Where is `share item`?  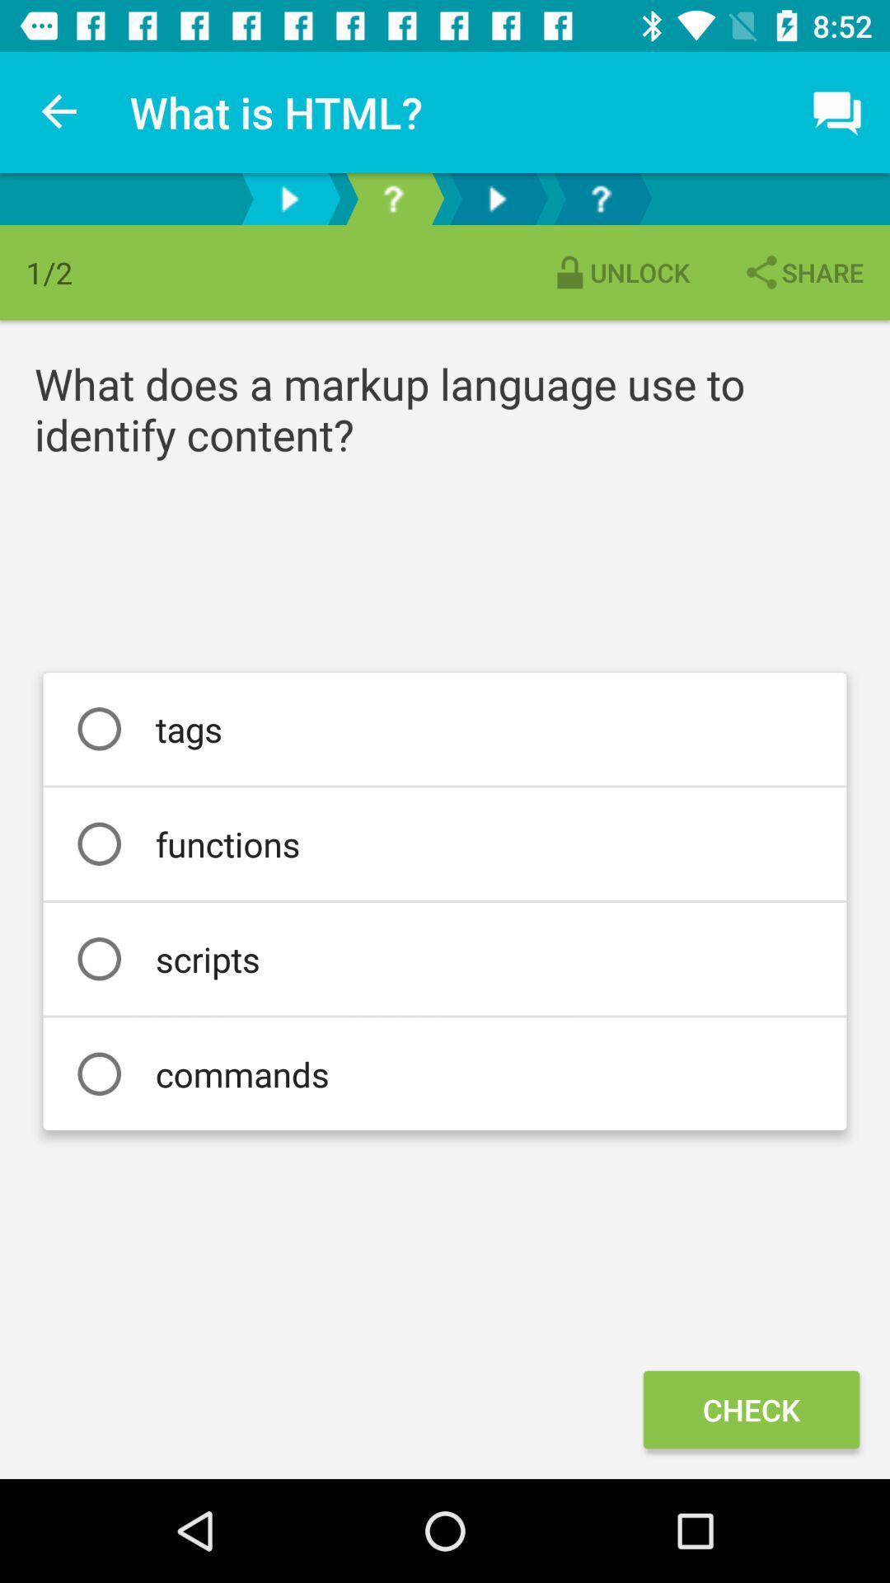
share item is located at coordinates (802, 272).